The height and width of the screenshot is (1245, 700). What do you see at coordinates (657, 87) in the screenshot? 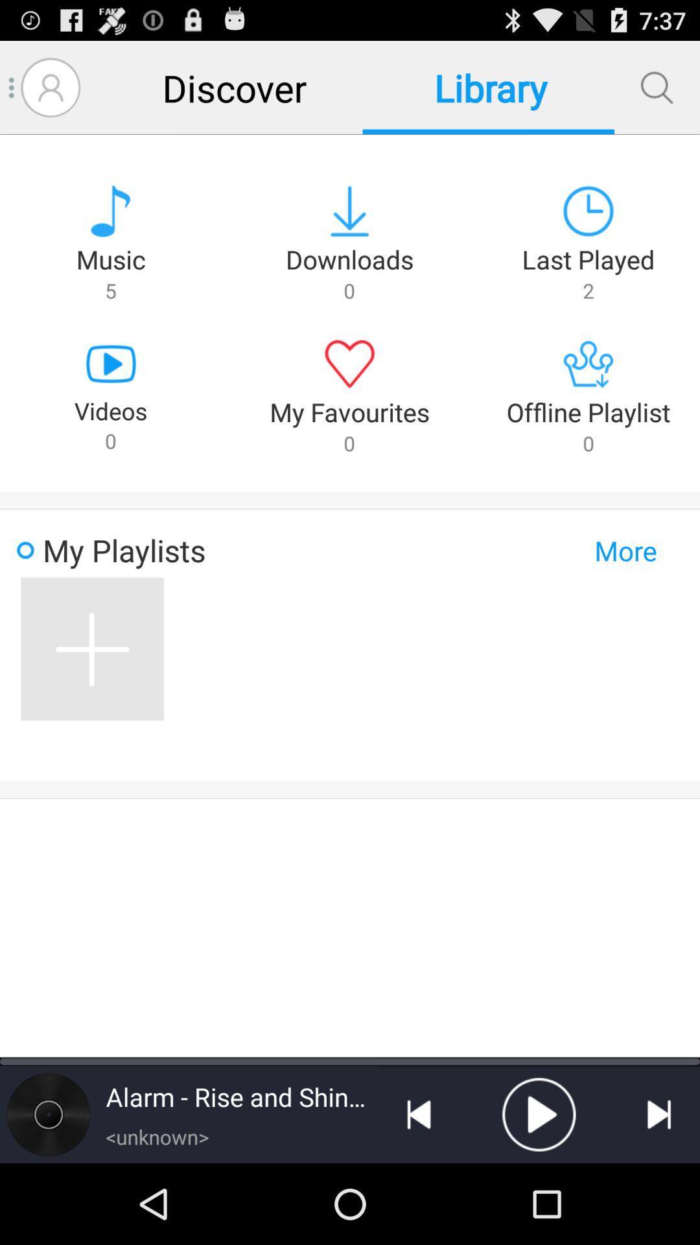
I see `search files` at bounding box center [657, 87].